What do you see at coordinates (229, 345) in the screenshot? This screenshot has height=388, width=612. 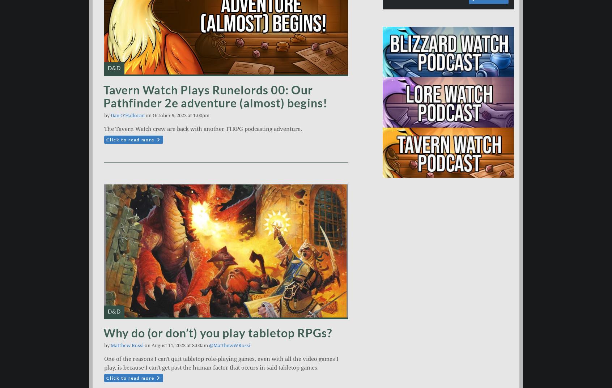 I see `'@MatthewWRossi'` at bounding box center [229, 345].